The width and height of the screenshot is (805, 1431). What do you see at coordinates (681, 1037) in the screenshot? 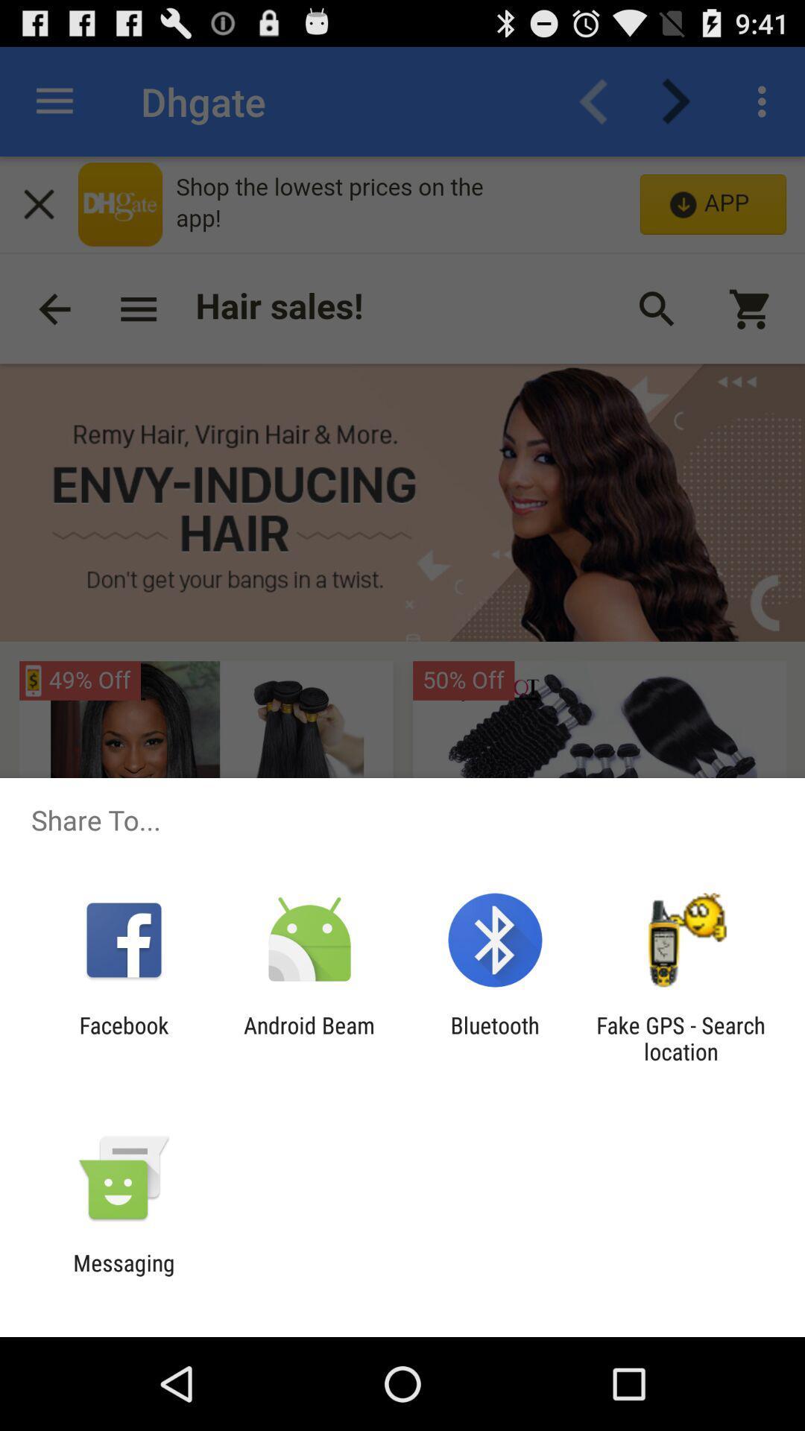
I see `the item to the right of bluetooth app` at bounding box center [681, 1037].